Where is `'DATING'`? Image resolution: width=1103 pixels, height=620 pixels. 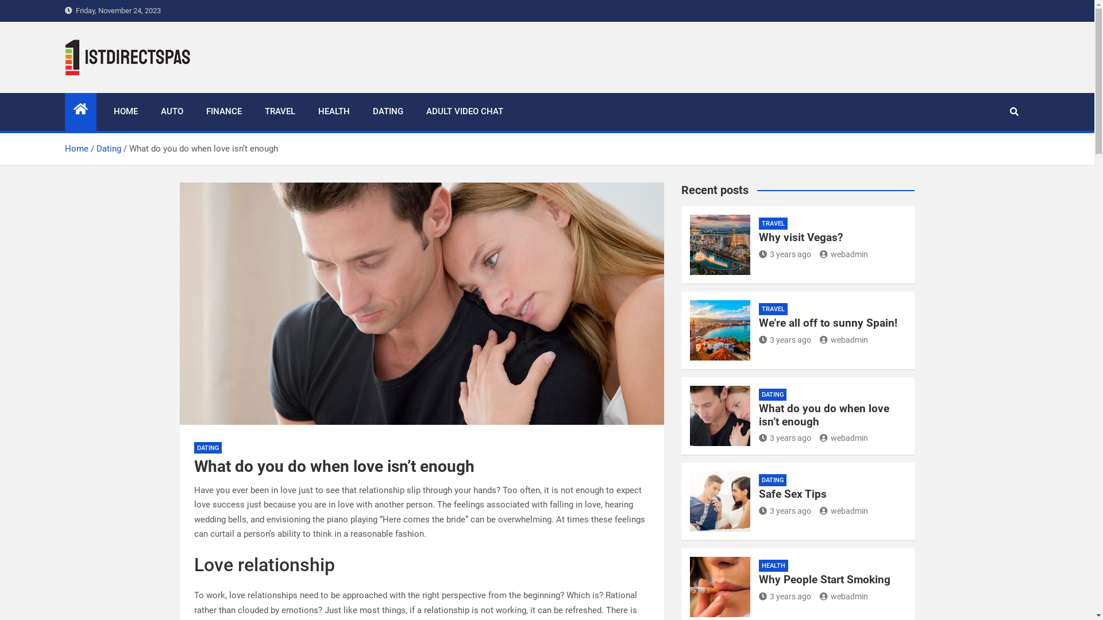
'DATING' is located at coordinates (387, 112).